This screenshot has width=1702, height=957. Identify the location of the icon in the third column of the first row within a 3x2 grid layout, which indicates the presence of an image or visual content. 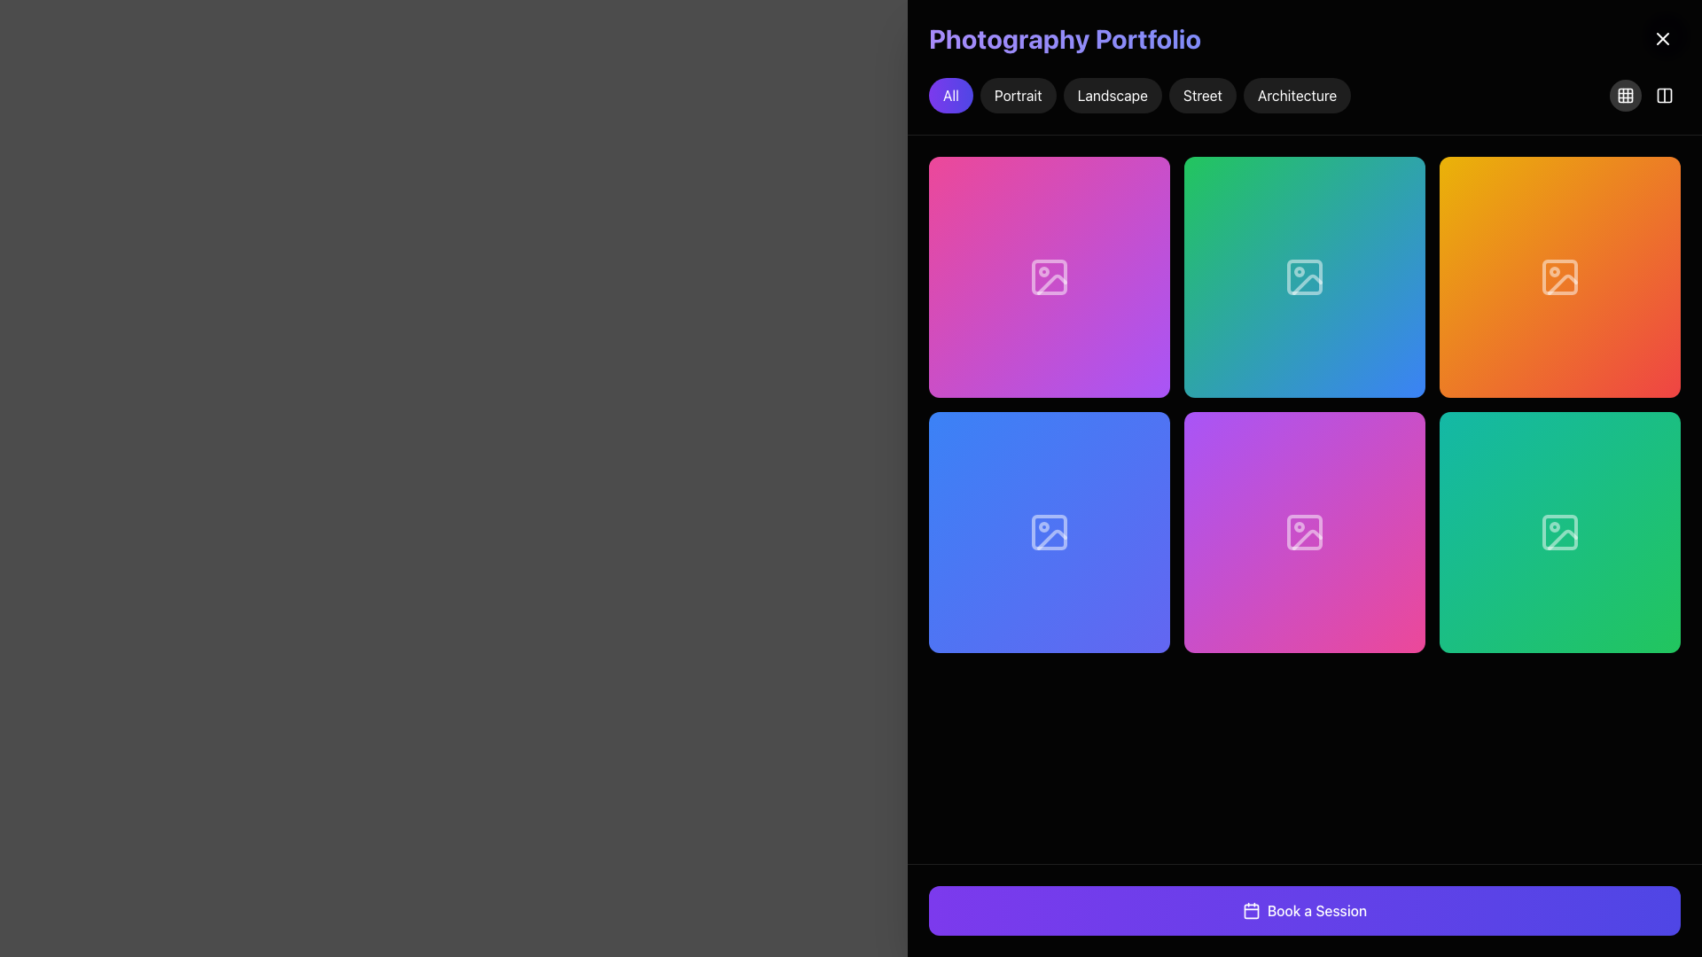
(1305, 276).